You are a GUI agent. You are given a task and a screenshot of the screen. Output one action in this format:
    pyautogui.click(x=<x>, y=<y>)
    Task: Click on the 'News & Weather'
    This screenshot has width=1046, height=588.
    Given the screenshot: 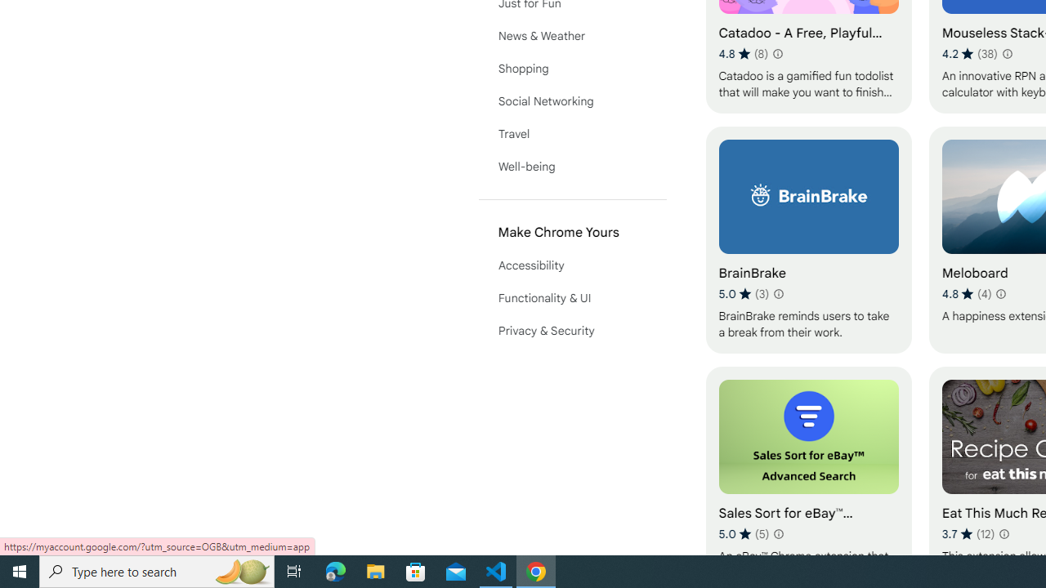 What is the action you would take?
    pyautogui.click(x=572, y=35)
    